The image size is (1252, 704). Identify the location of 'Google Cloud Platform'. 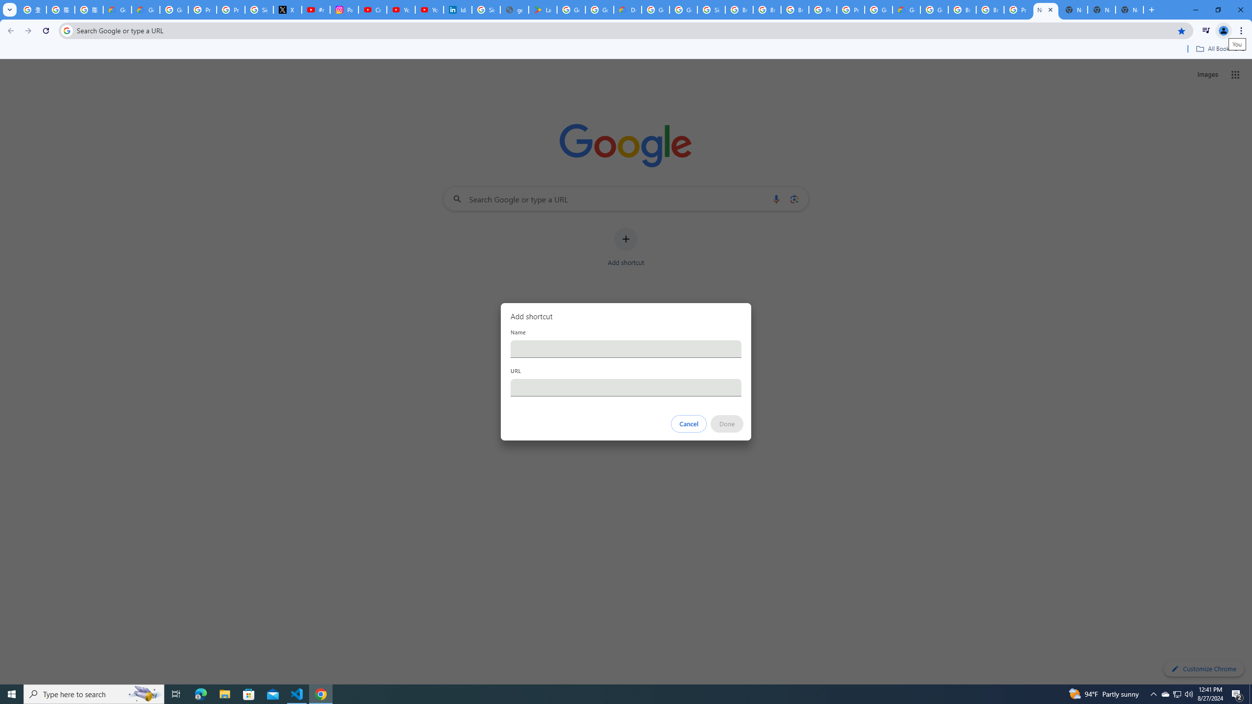
(935, 9).